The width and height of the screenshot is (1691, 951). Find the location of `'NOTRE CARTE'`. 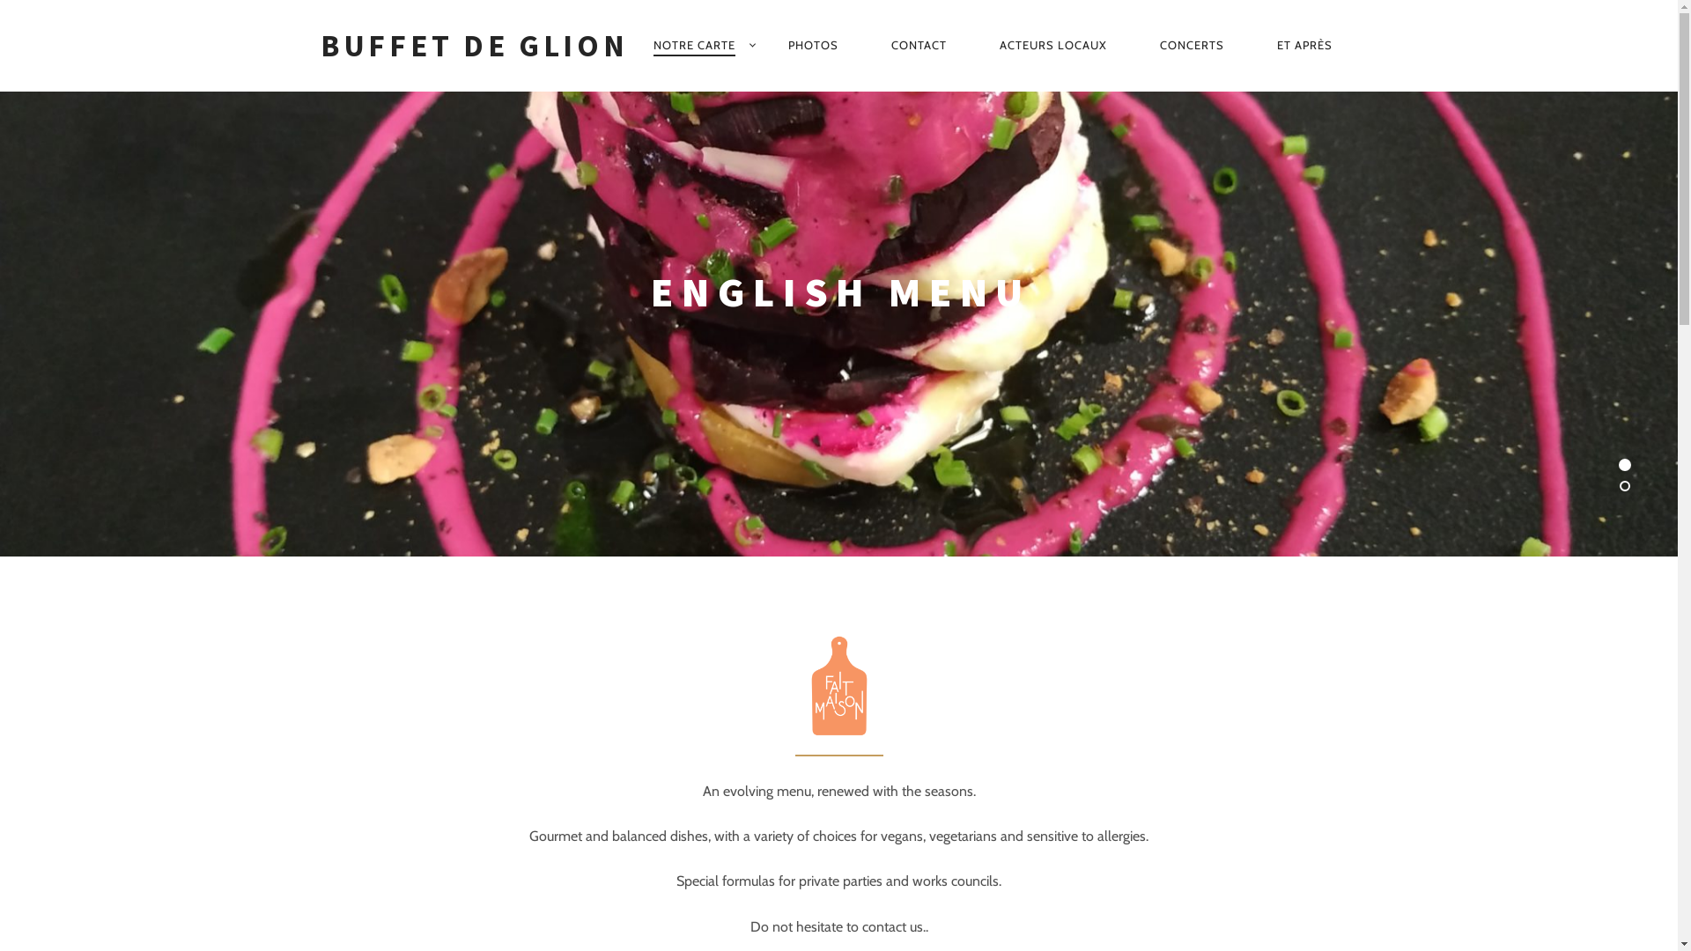

'NOTRE CARTE' is located at coordinates (693, 44).